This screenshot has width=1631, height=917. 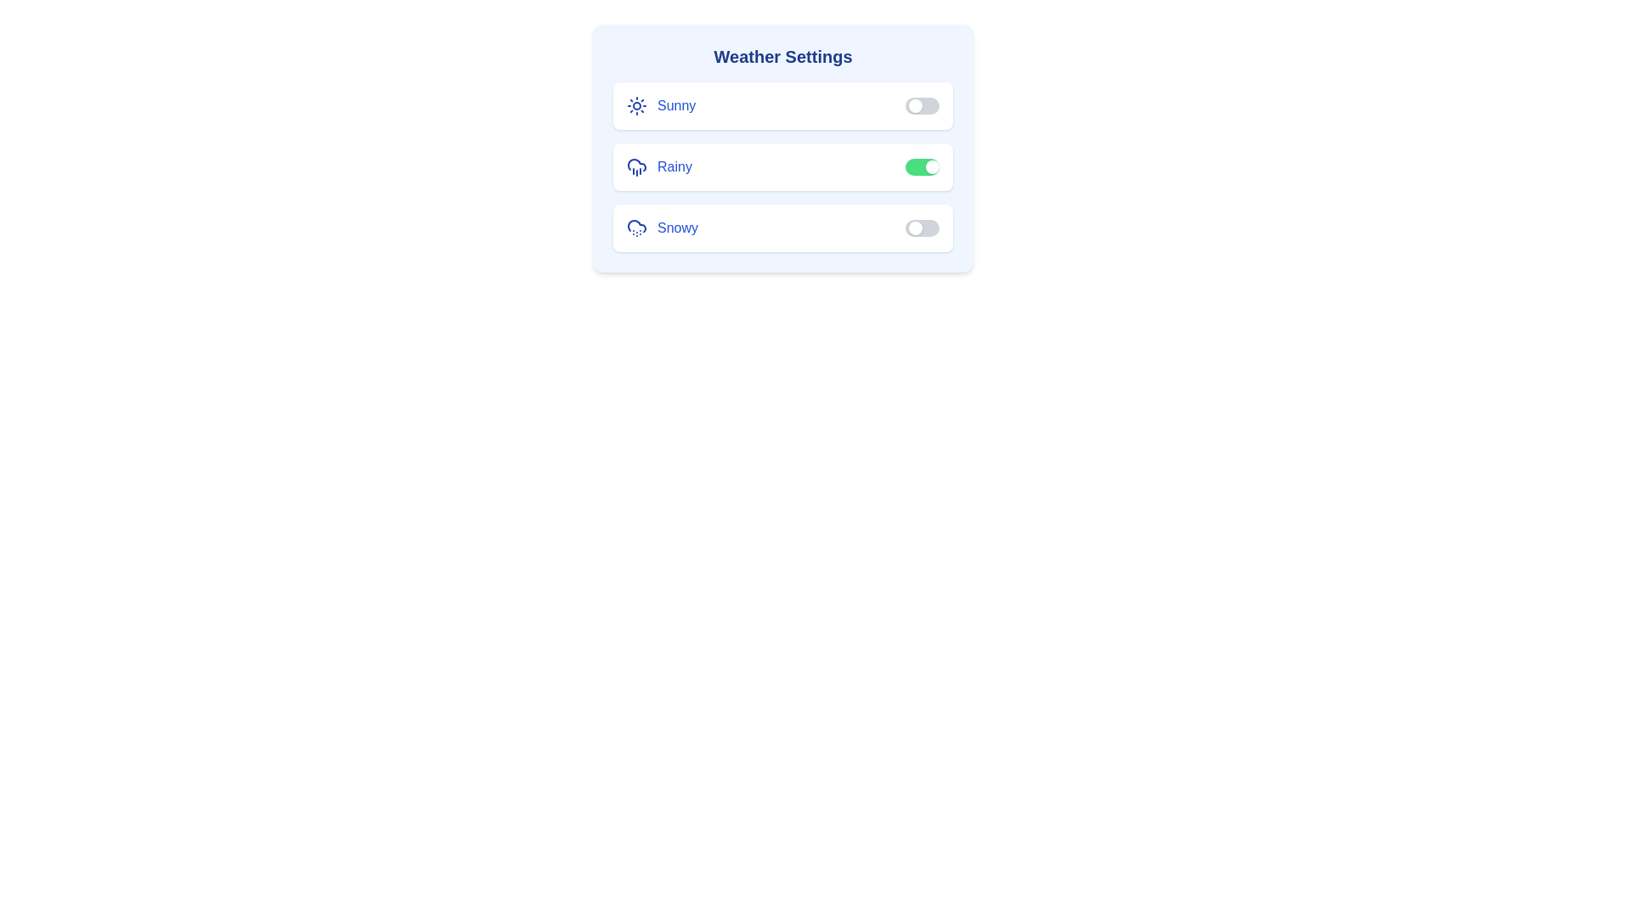 What do you see at coordinates (915, 228) in the screenshot?
I see `the toggle switch knob for the 'Snowy' weather setting, located in the third row of the weather settings menu` at bounding box center [915, 228].